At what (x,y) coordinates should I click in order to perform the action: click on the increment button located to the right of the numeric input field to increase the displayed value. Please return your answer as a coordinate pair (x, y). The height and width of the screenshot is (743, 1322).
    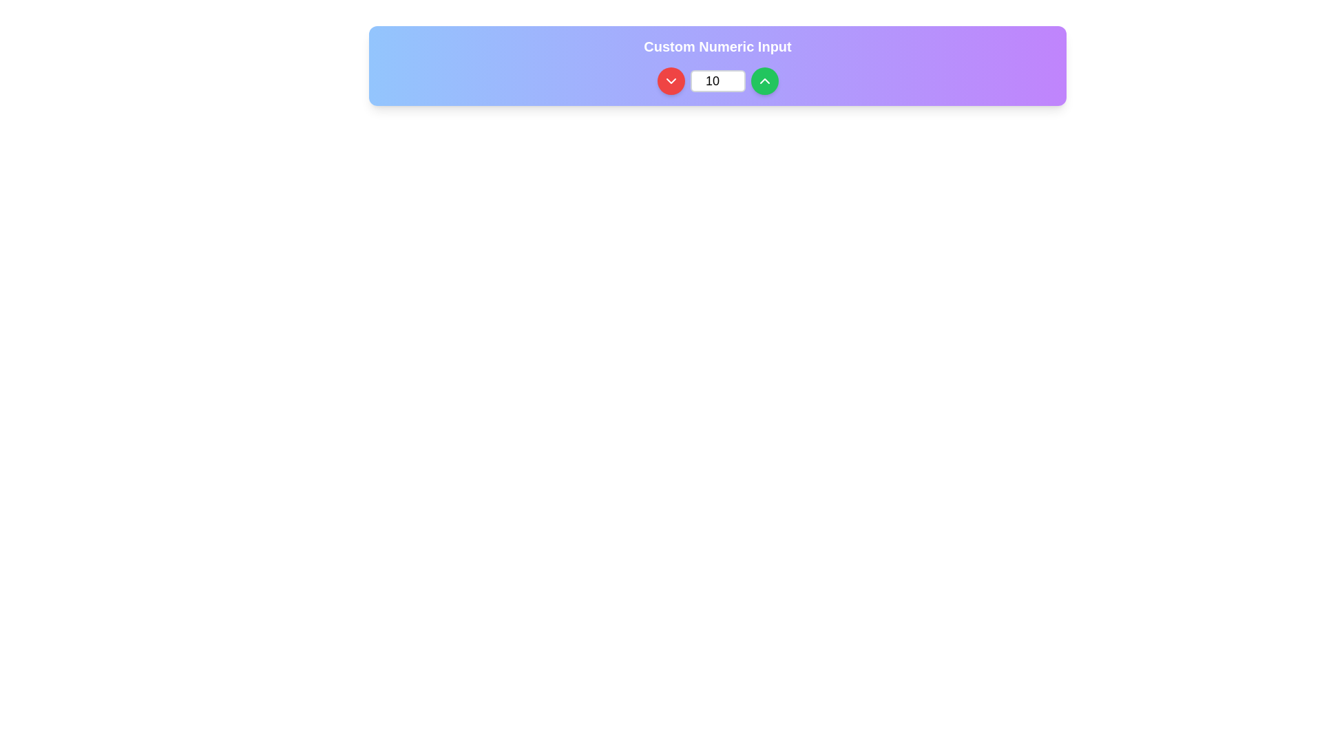
    Looking at the image, I should click on (764, 81).